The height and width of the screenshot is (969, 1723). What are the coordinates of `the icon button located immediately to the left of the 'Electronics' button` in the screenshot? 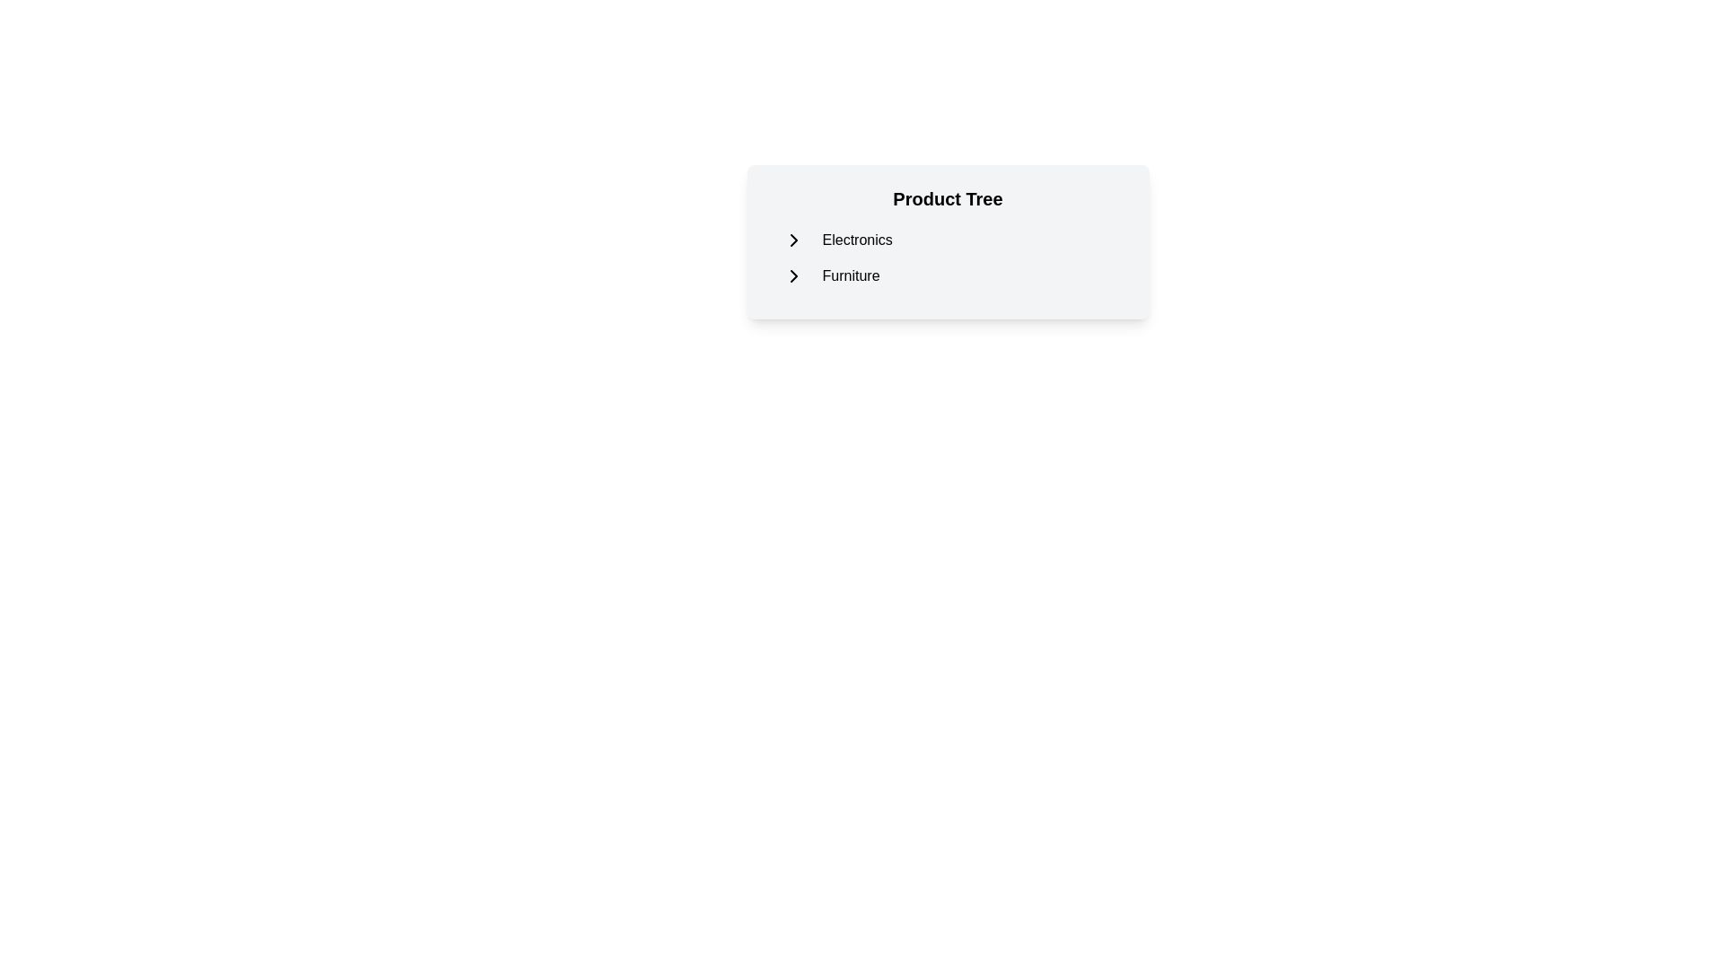 It's located at (792, 239).